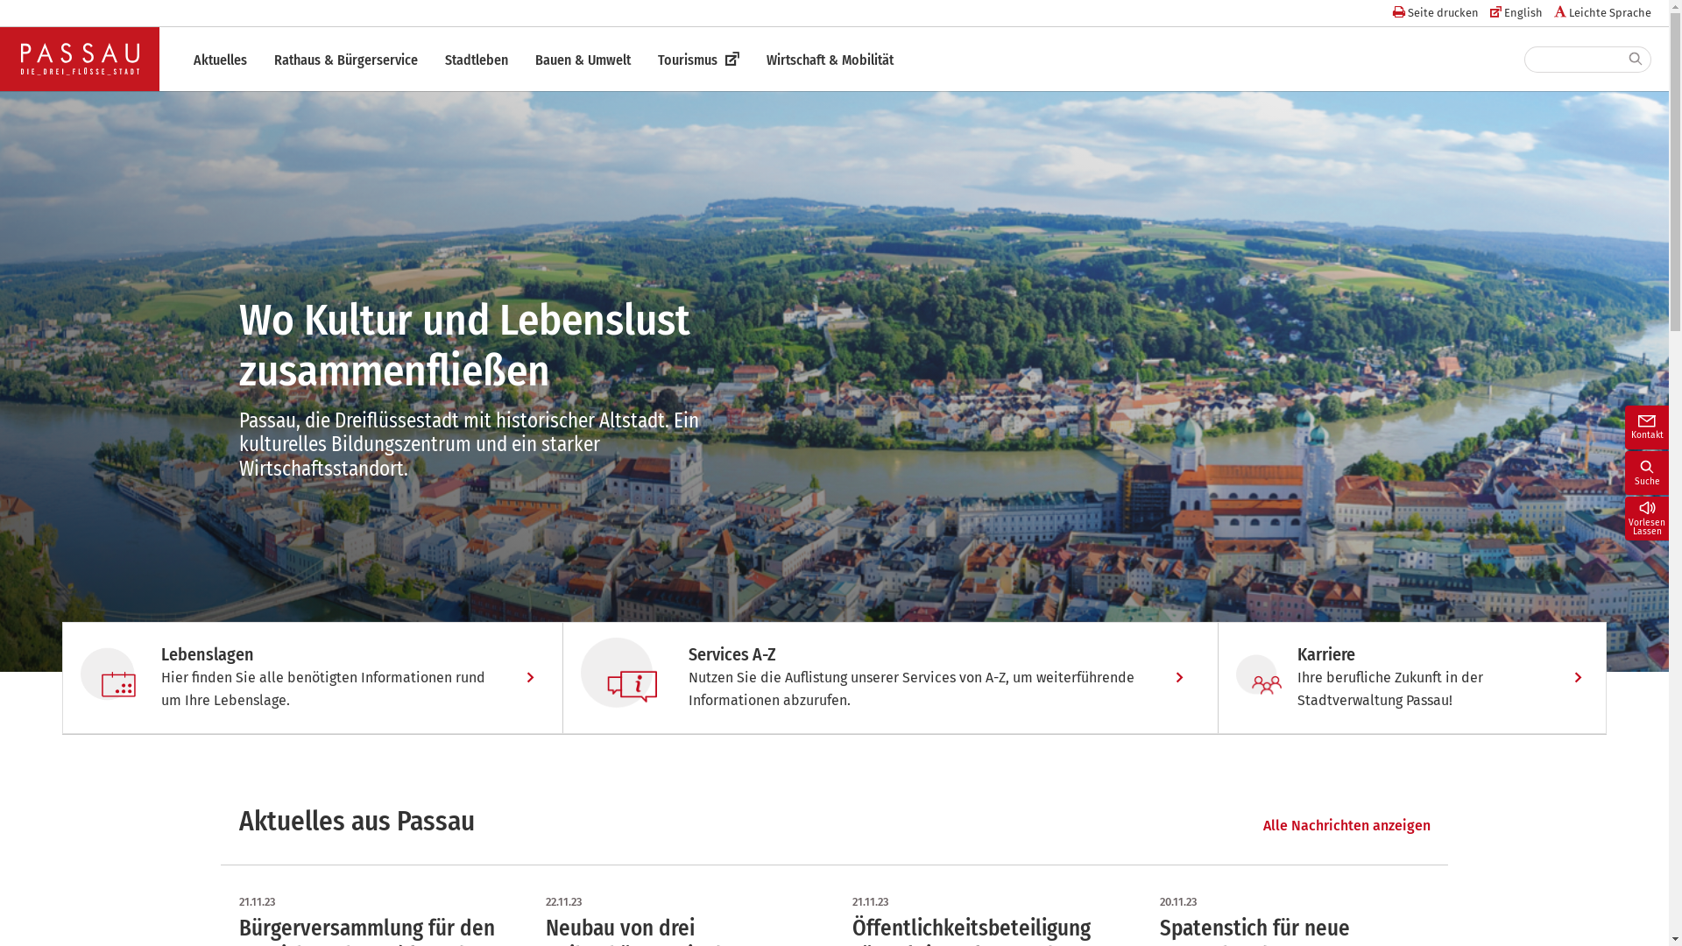 This screenshot has height=946, width=1682. What do you see at coordinates (1262, 825) in the screenshot?
I see `'Alle Nachrichten anzeigen'` at bounding box center [1262, 825].